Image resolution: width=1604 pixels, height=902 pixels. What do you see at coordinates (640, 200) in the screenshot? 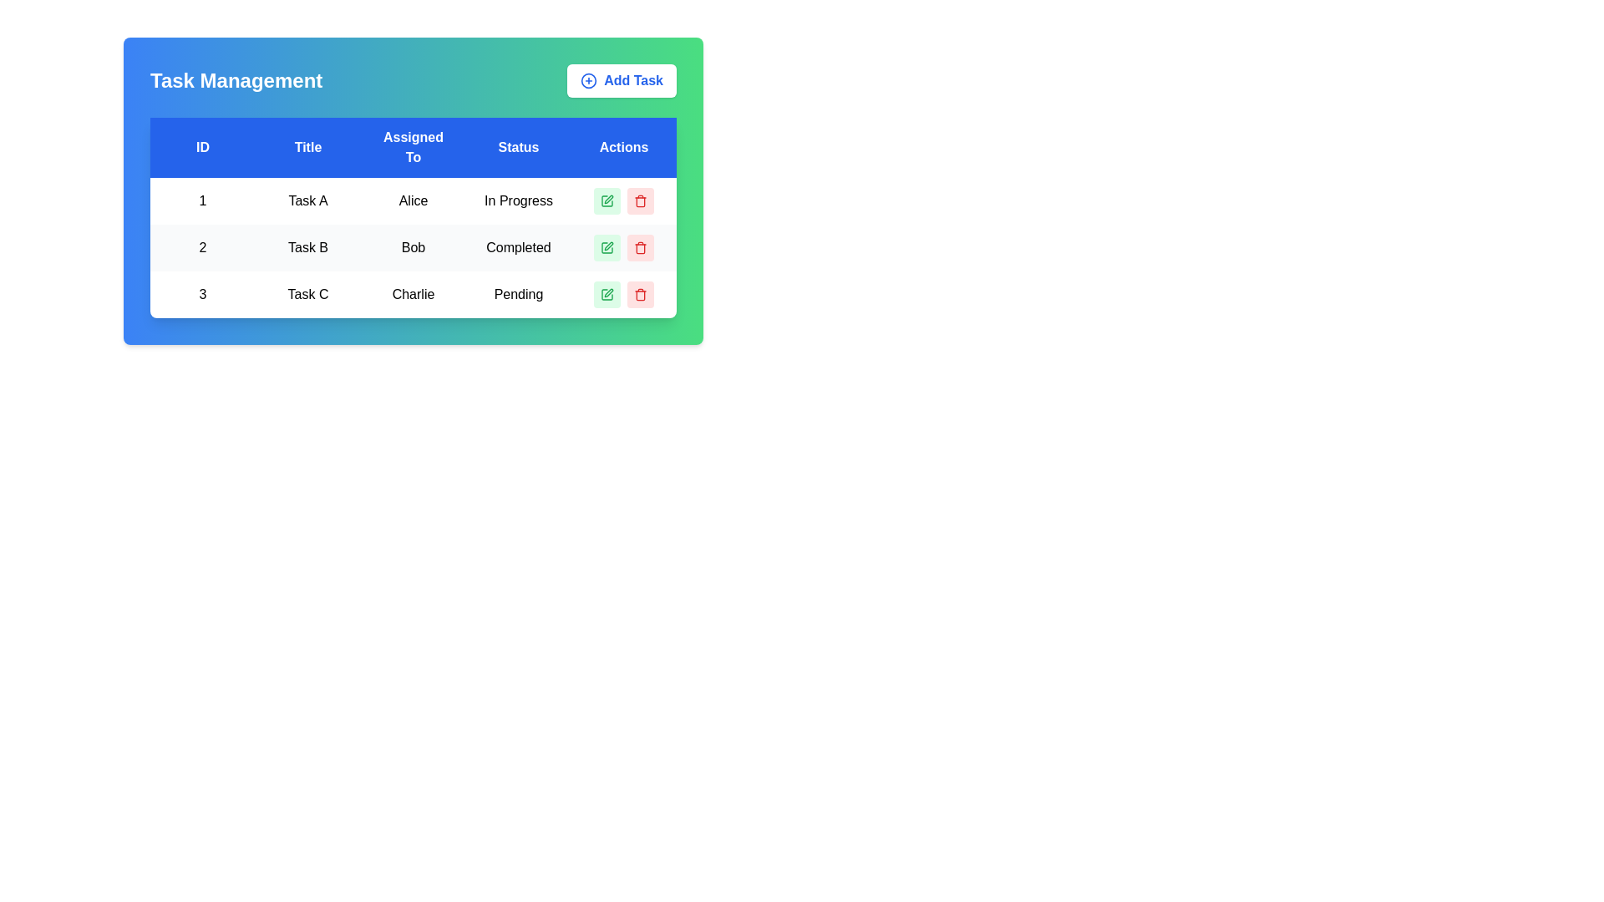
I see `the red trash icon button located in the 'Actions' column of the first row in the table to observe its hover effects` at bounding box center [640, 200].